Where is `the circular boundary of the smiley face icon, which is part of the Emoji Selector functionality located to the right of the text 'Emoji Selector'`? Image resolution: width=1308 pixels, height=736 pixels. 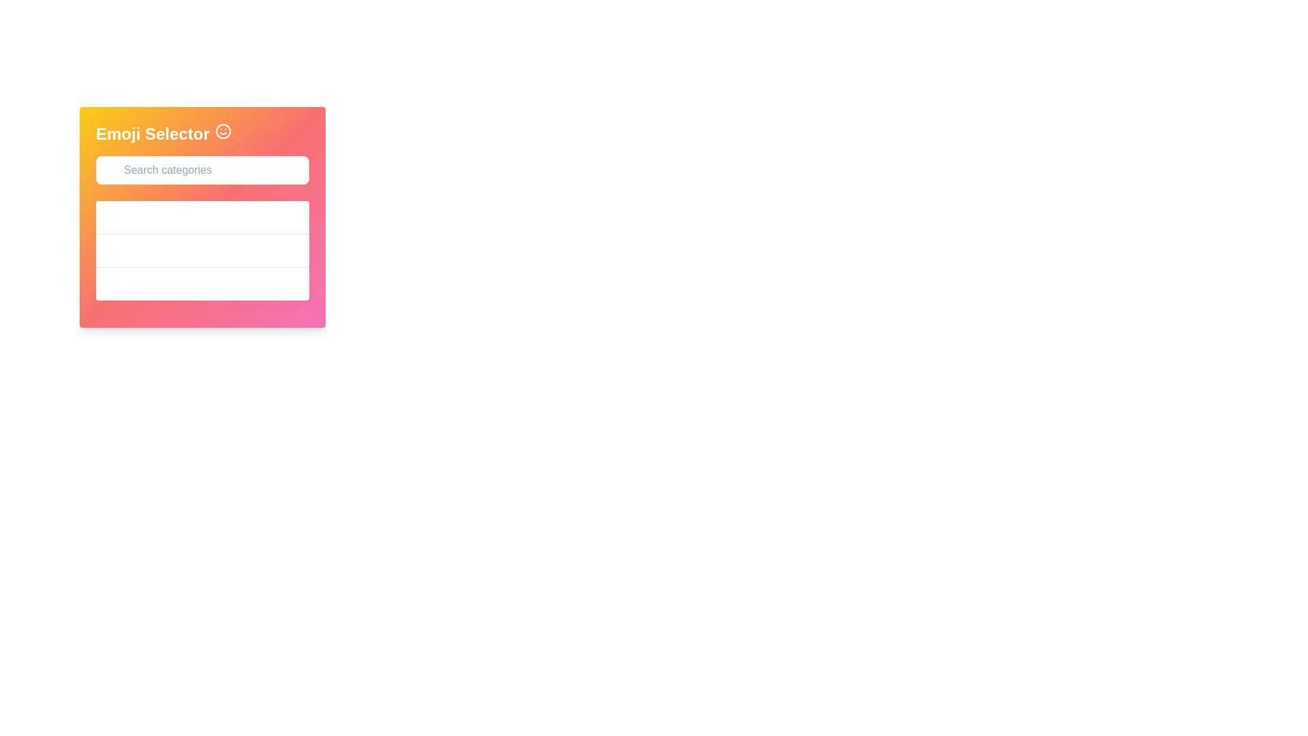 the circular boundary of the smiley face icon, which is part of the Emoji Selector functionality located to the right of the text 'Emoji Selector' is located at coordinates (223, 131).